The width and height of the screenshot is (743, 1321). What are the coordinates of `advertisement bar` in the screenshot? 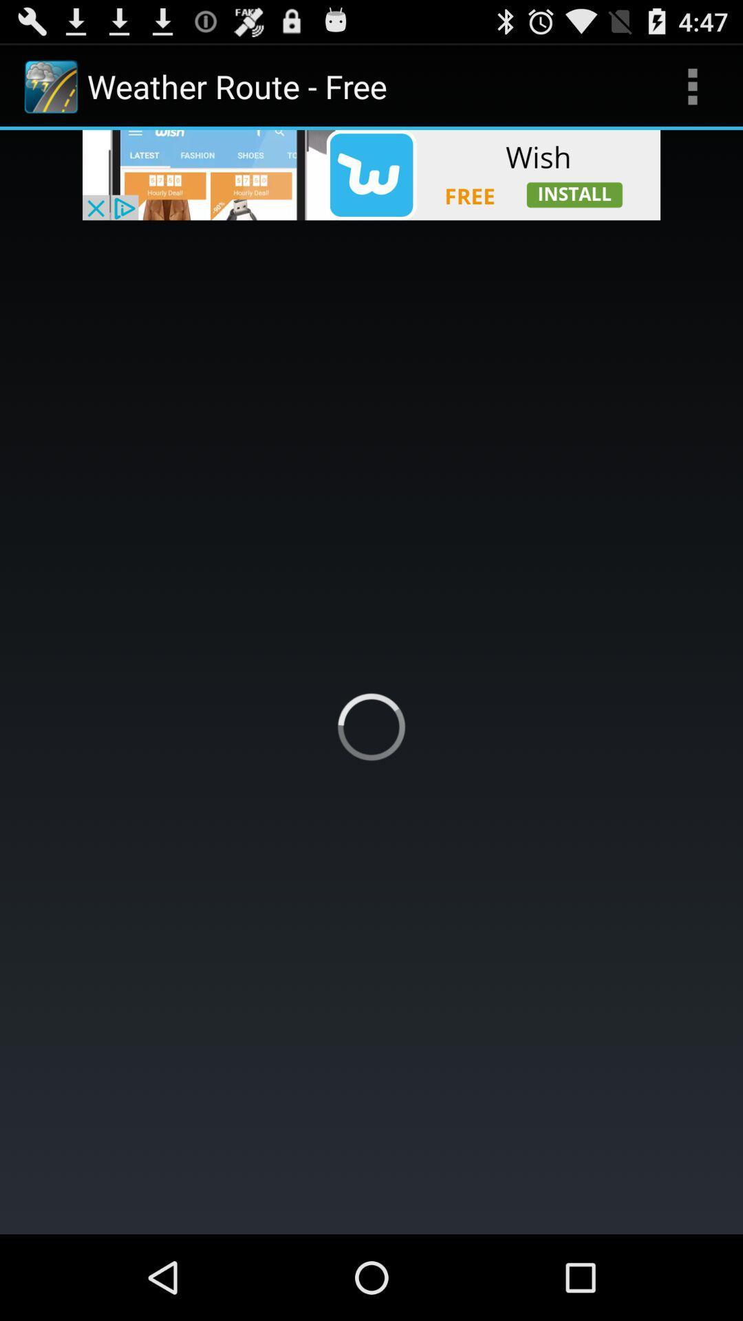 It's located at (371, 174).